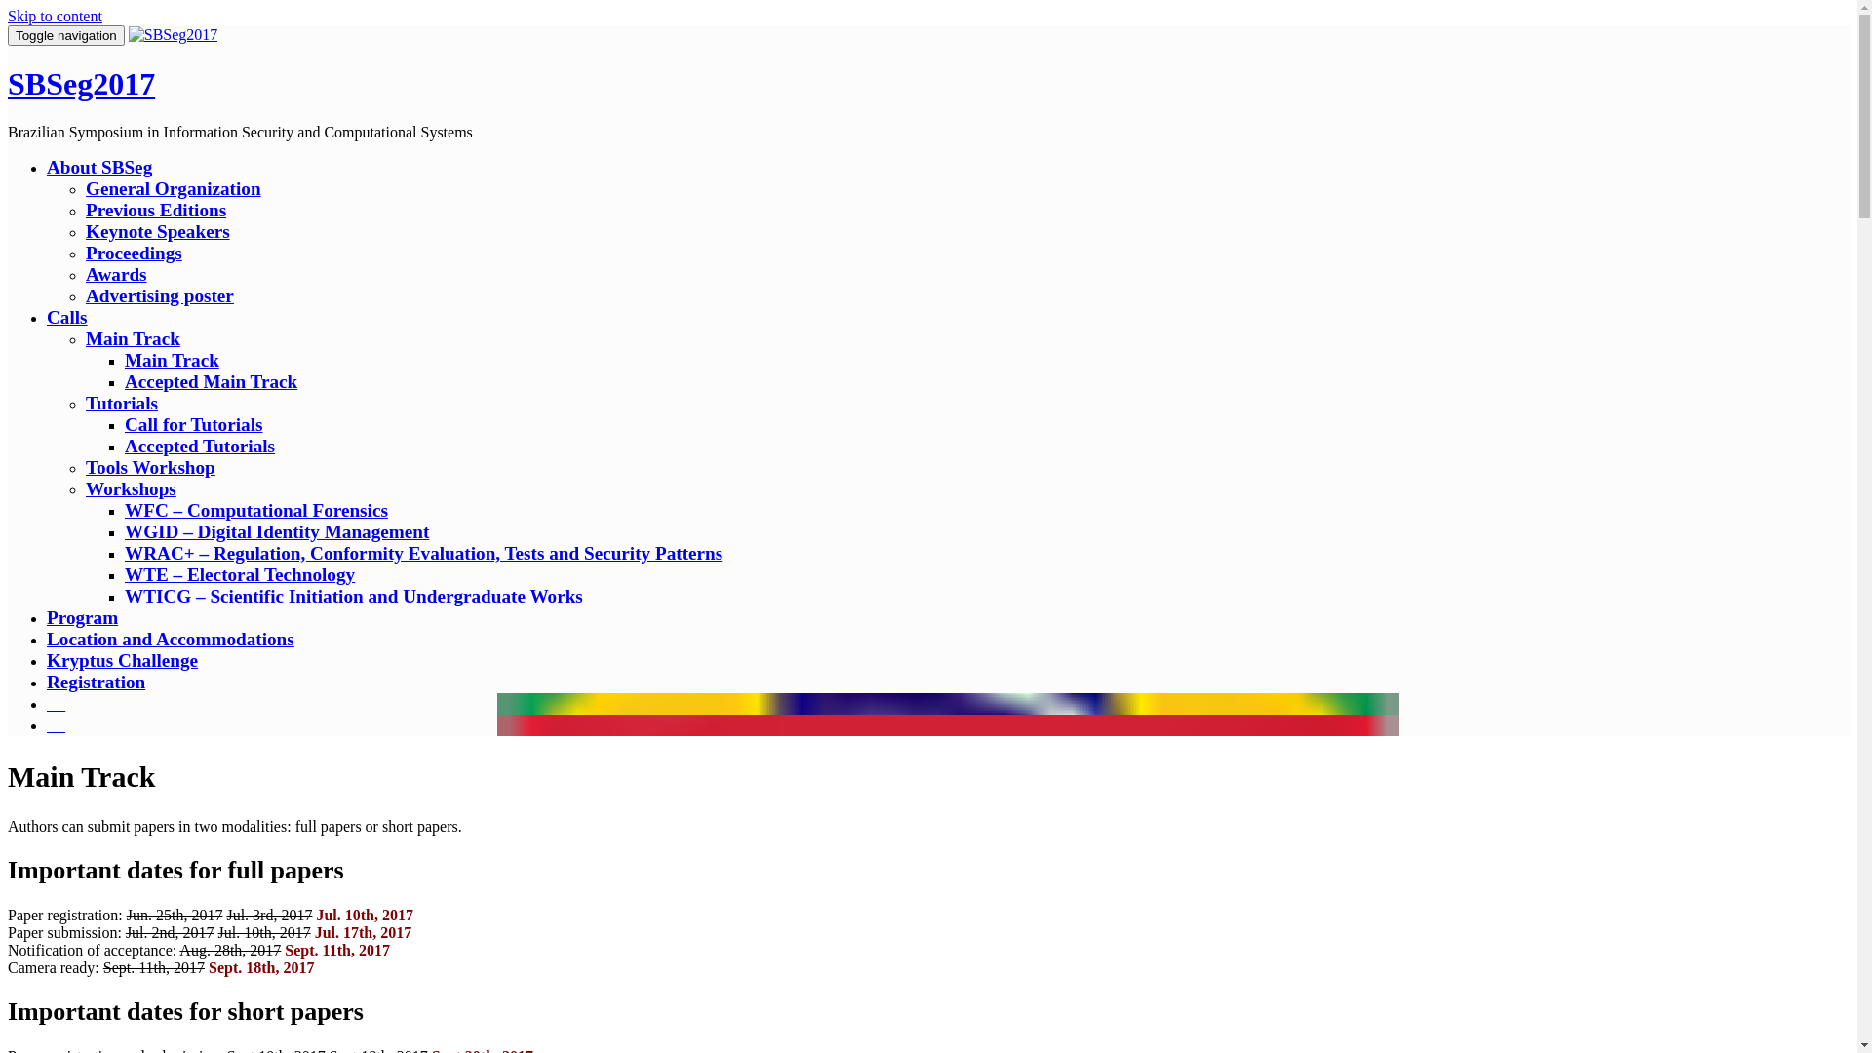 This screenshot has width=1872, height=1053. What do you see at coordinates (173, 34) in the screenshot?
I see `'SBSeg2017'` at bounding box center [173, 34].